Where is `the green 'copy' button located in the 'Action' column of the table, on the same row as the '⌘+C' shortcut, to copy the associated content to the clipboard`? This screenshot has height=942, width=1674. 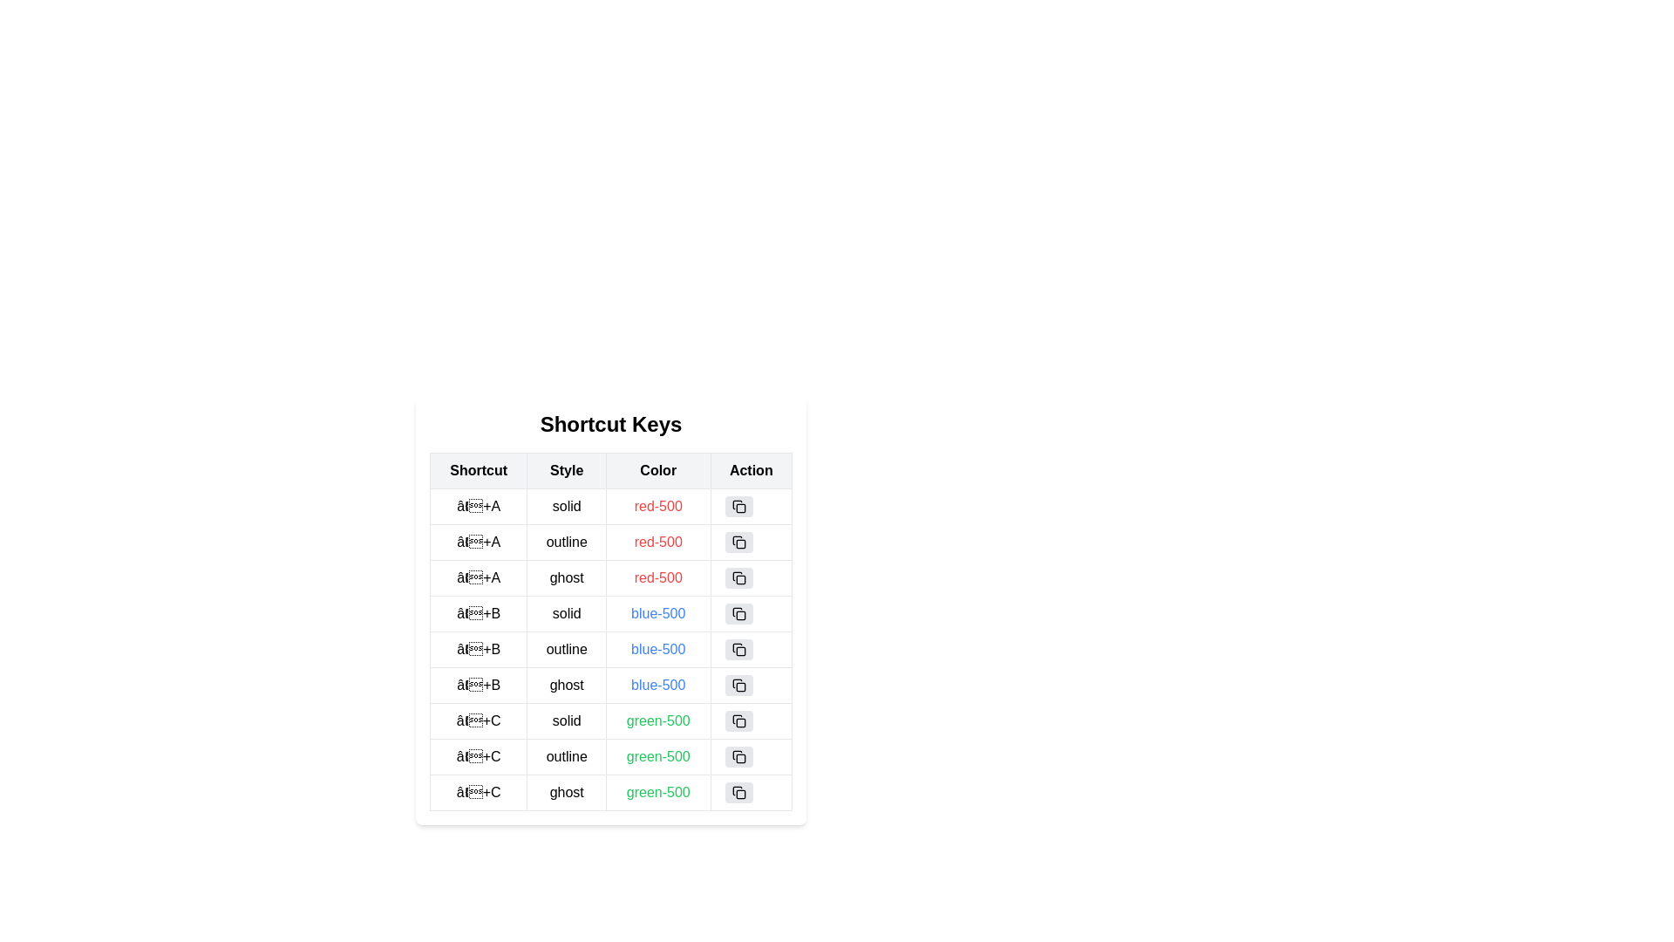 the green 'copy' button located in the 'Action' column of the table, on the same row as the '⌘+C' shortcut, to copy the associated content to the clipboard is located at coordinates (751, 720).